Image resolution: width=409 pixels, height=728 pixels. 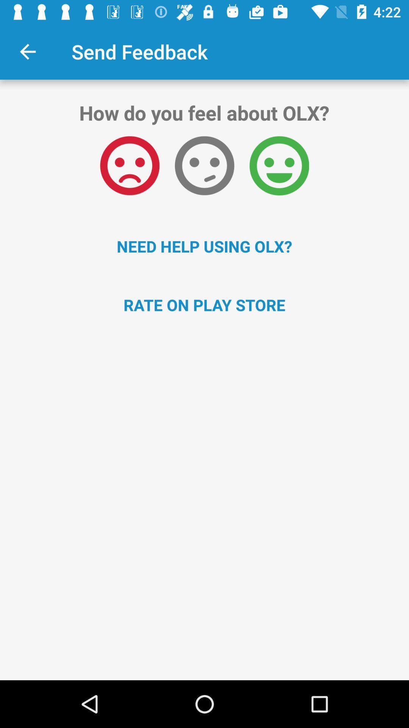 I want to click on rate on play, so click(x=204, y=305).